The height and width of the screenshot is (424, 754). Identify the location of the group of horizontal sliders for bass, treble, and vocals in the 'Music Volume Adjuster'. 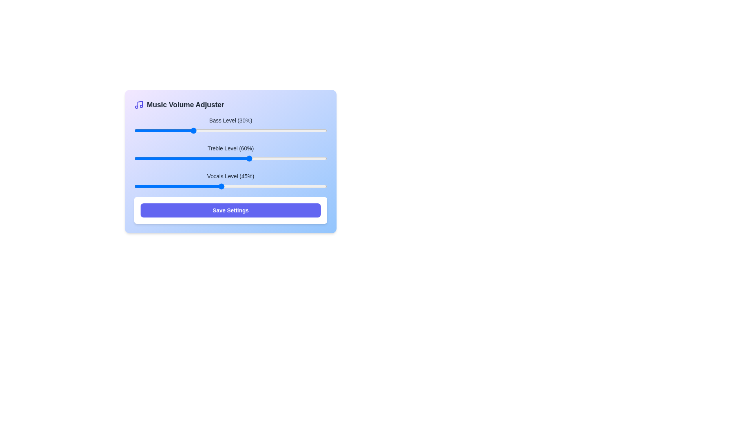
(230, 154).